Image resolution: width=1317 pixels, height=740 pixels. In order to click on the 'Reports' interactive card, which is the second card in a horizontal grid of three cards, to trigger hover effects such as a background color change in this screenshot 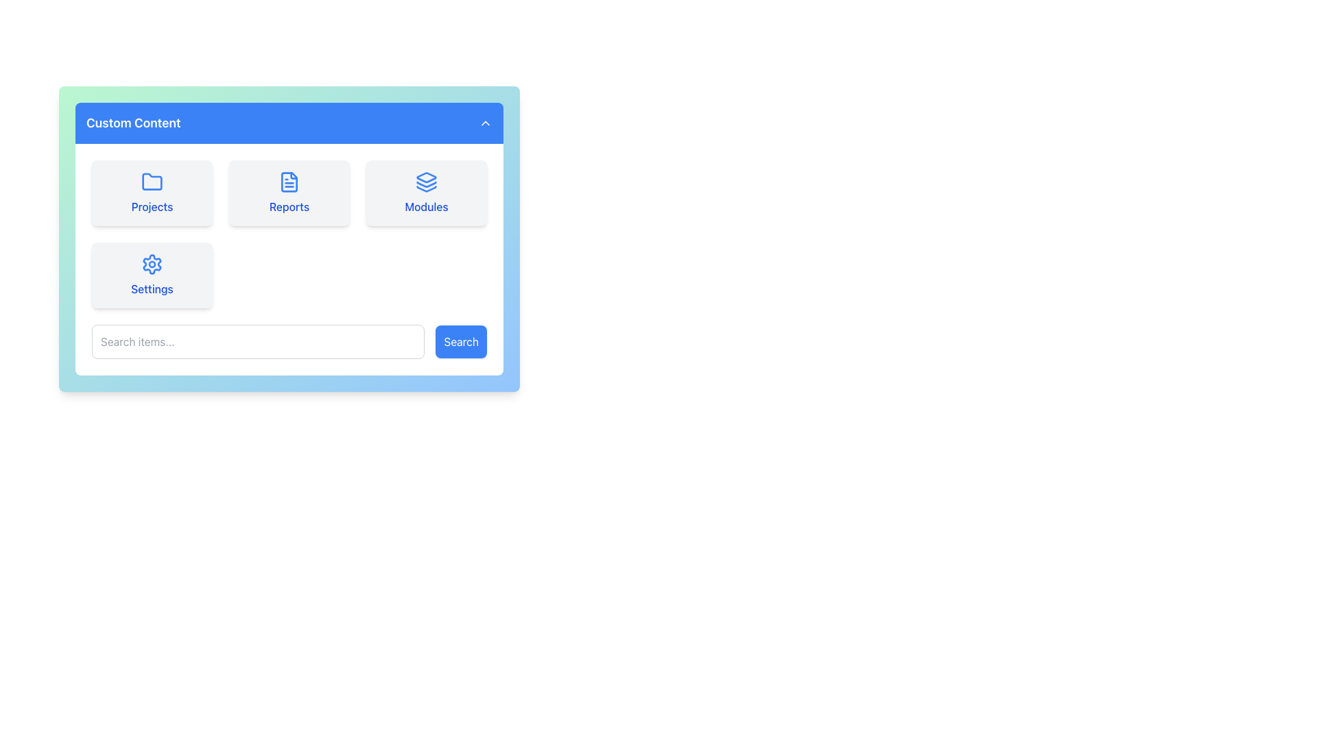, I will do `click(289, 193)`.